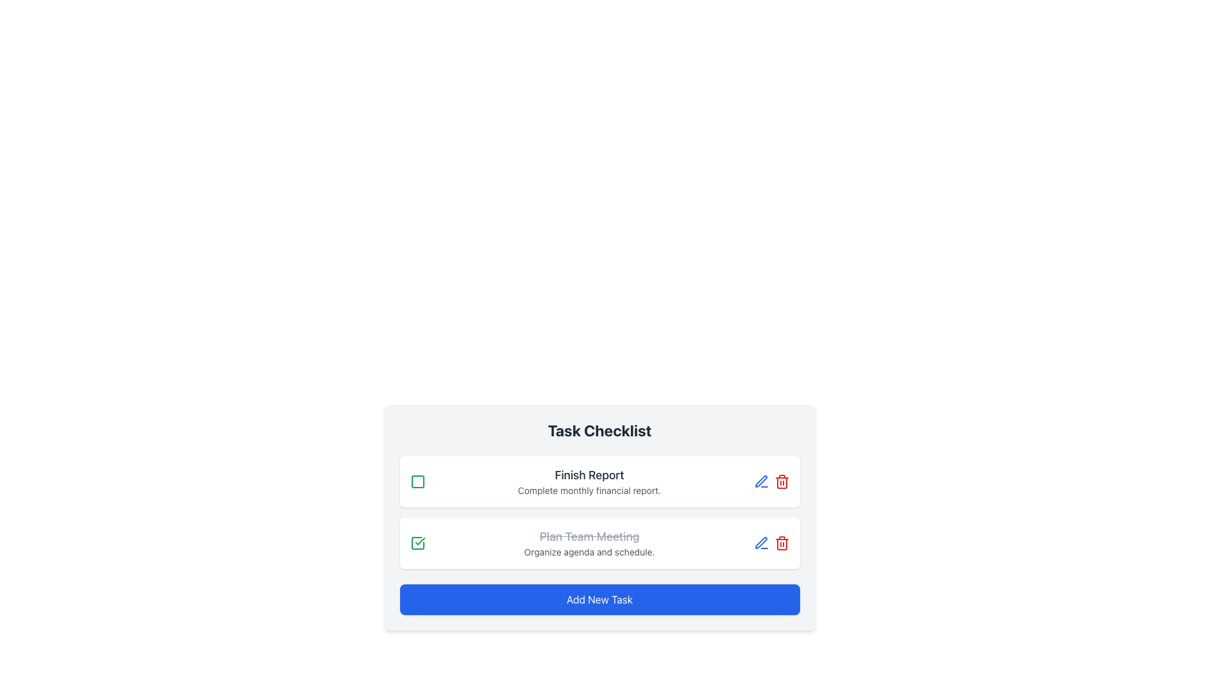 This screenshot has height=692, width=1231. I want to click on the text label displaying 'Complete monthly financial report.' which is located below the 'Finish Report' title in the task checklist interface, so click(589, 490).